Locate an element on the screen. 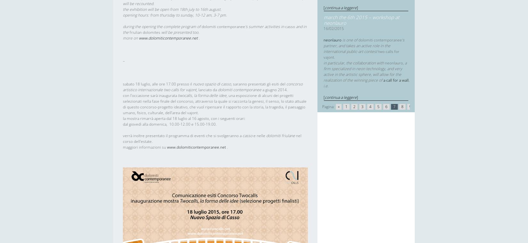  'dal giovedì alla domenica,  10.00-12.00 e 15.00-19.00.' is located at coordinates (169, 124).